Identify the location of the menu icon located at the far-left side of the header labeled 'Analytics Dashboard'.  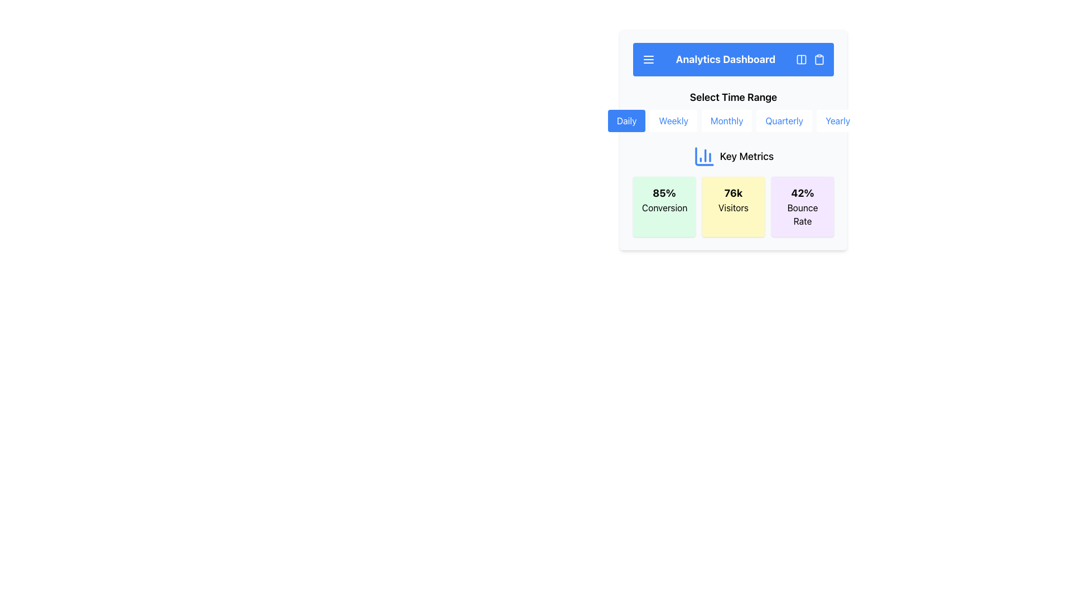
(648, 60).